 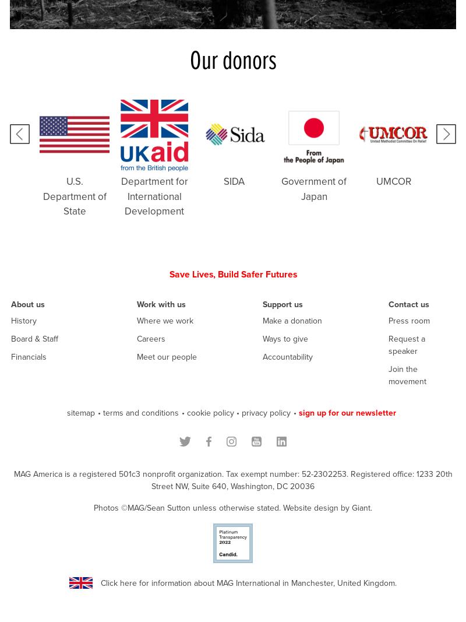 What do you see at coordinates (161, 304) in the screenshot?
I see `'Work with us'` at bounding box center [161, 304].